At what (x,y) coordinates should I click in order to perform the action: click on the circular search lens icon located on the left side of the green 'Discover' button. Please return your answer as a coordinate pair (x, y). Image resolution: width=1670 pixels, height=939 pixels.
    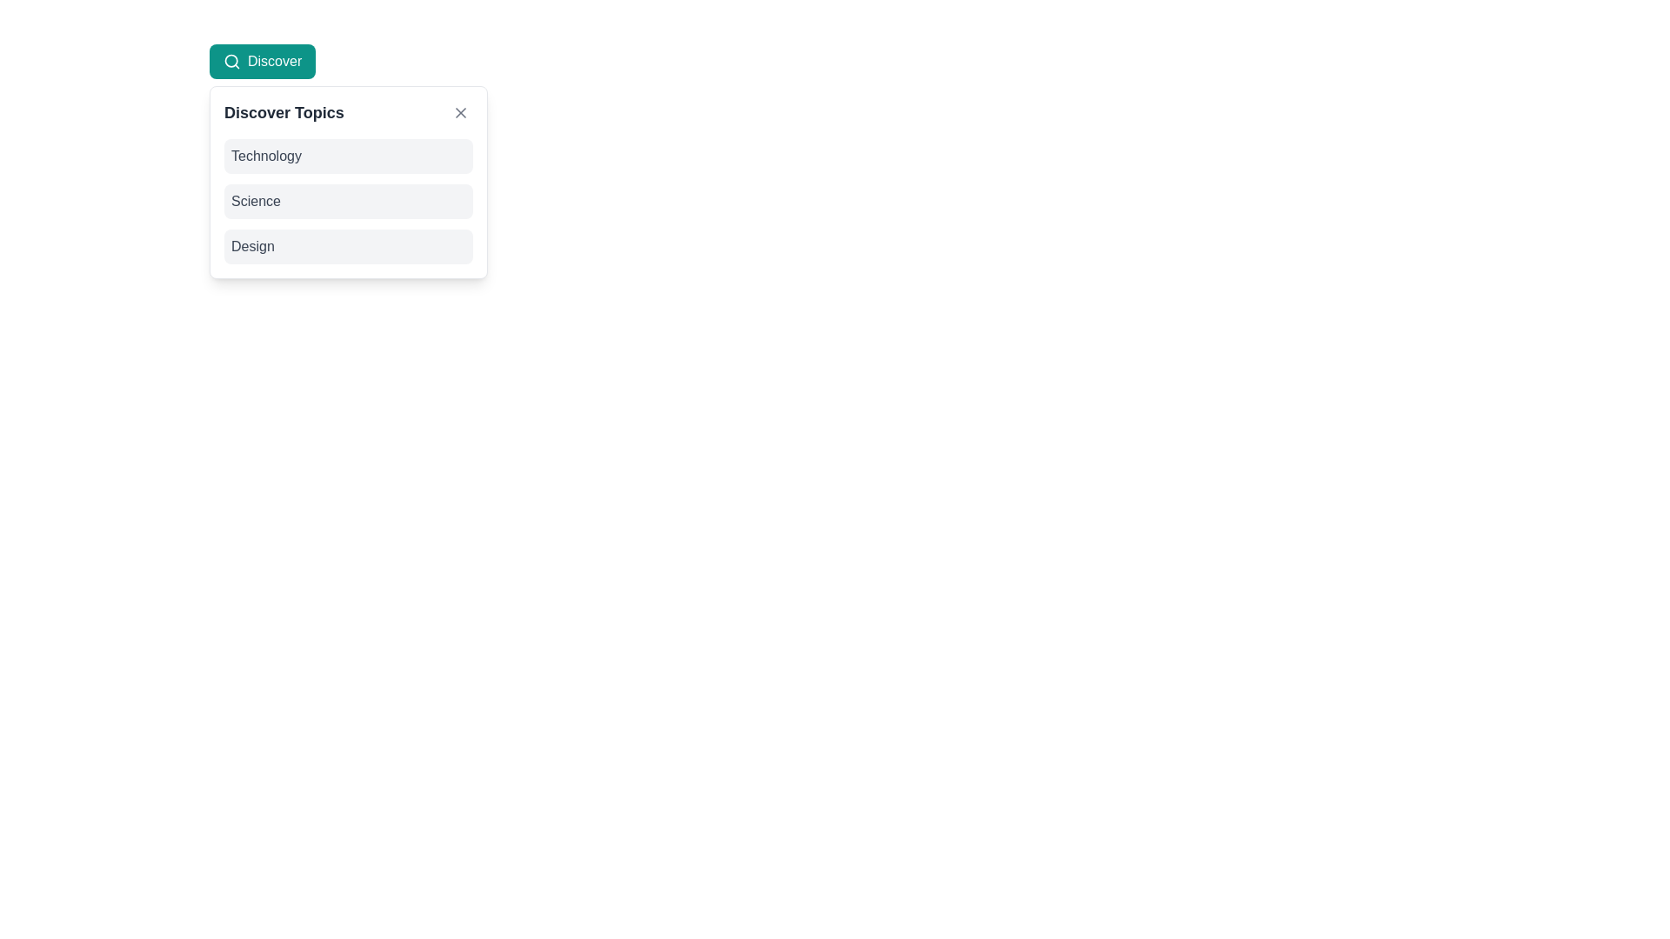
    Looking at the image, I should click on (231, 60).